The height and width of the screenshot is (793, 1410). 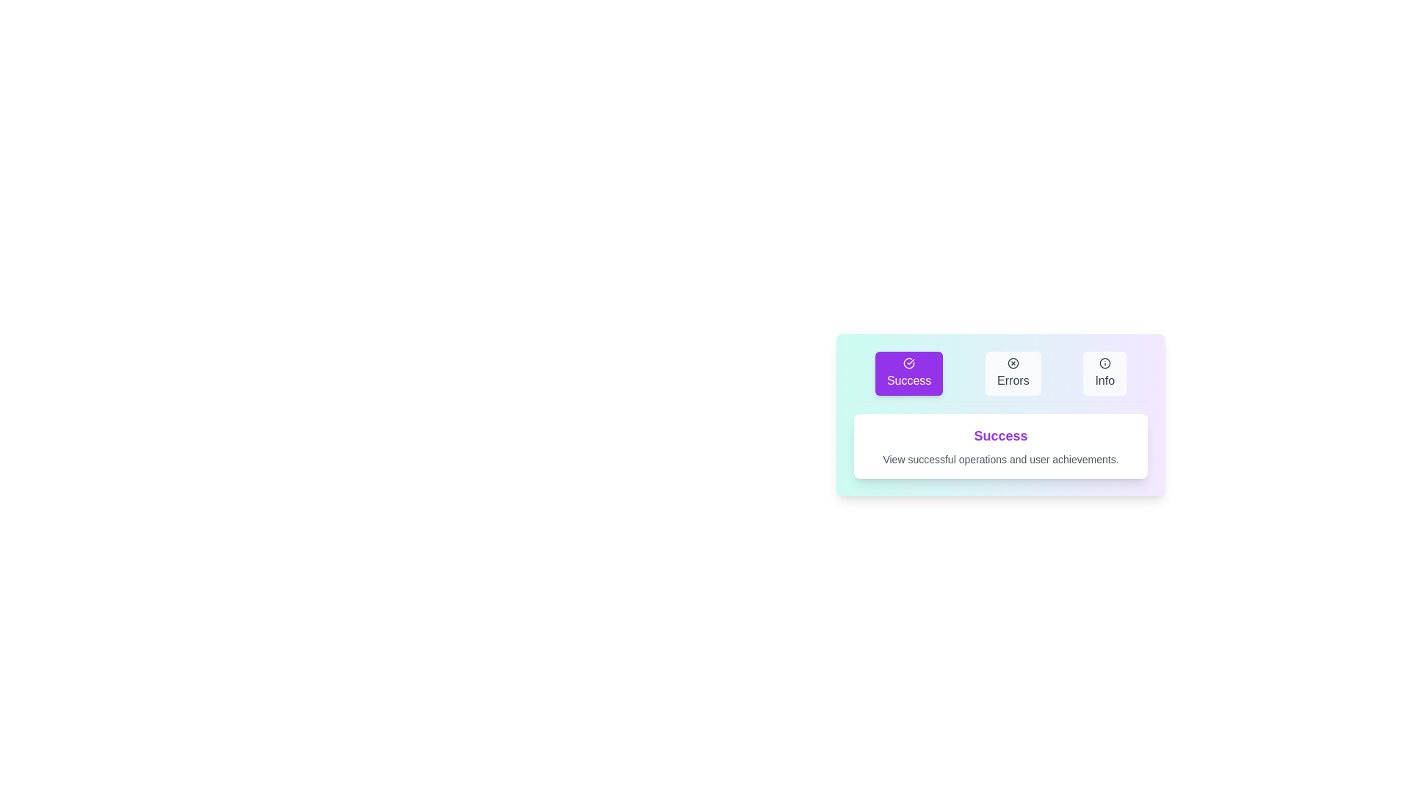 I want to click on the Errors tab, so click(x=1011, y=373).